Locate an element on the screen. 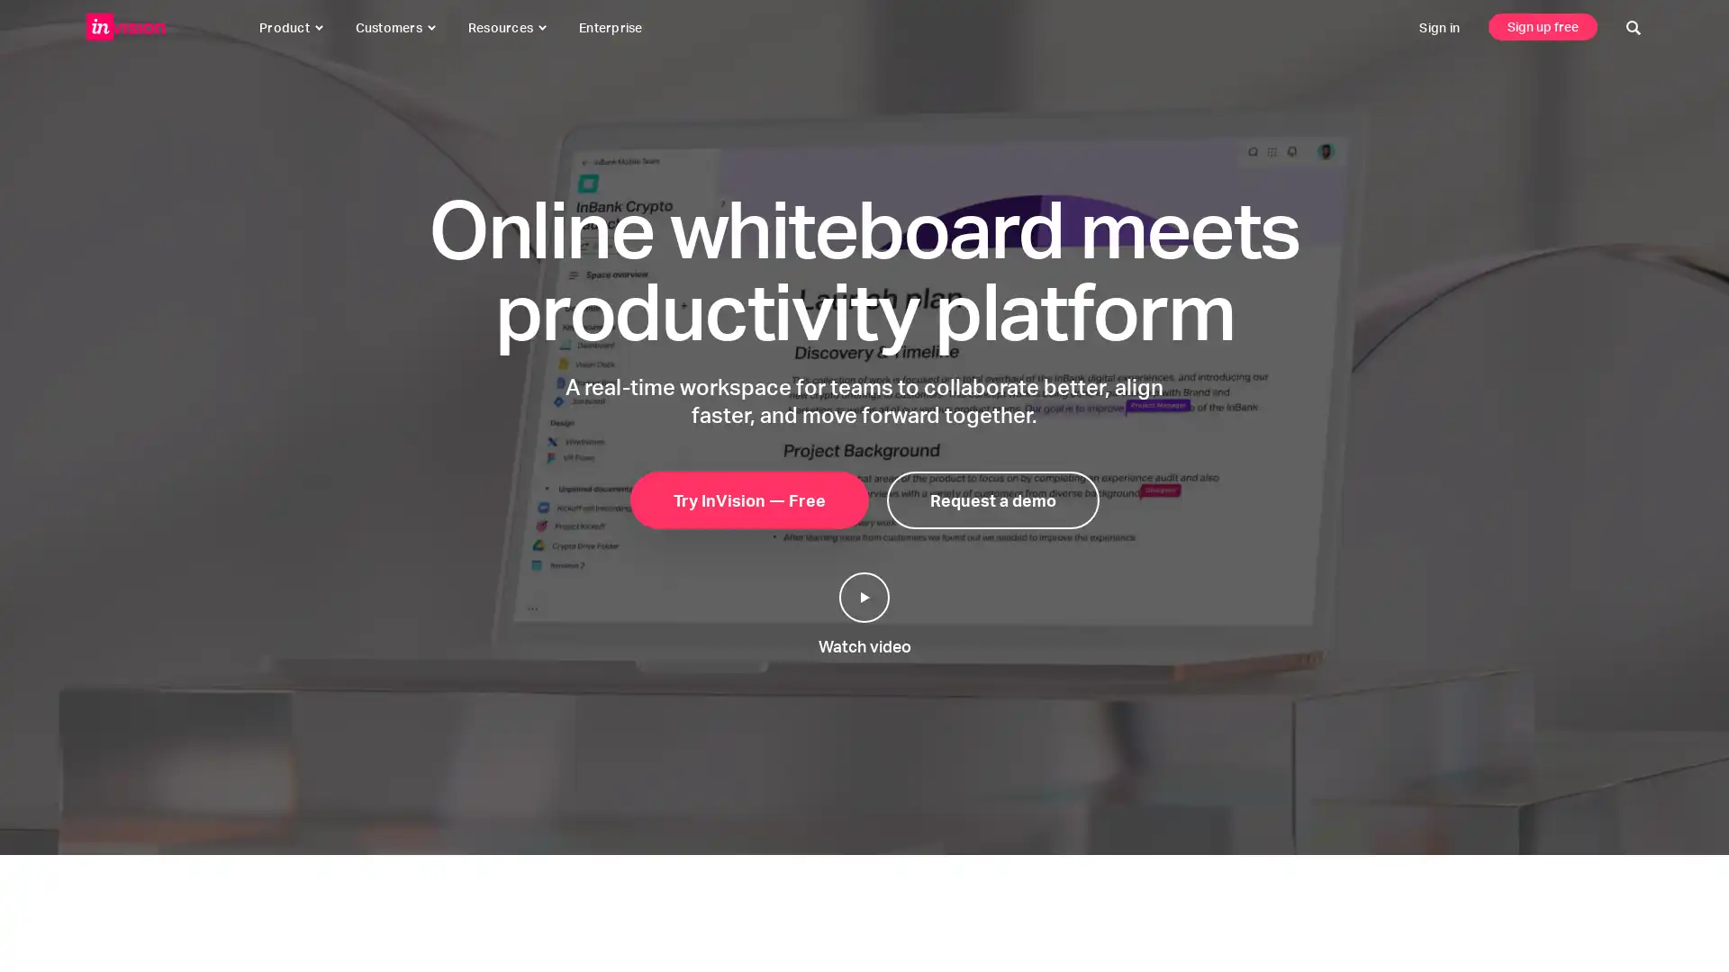  sign up free is located at coordinates (1542, 26).